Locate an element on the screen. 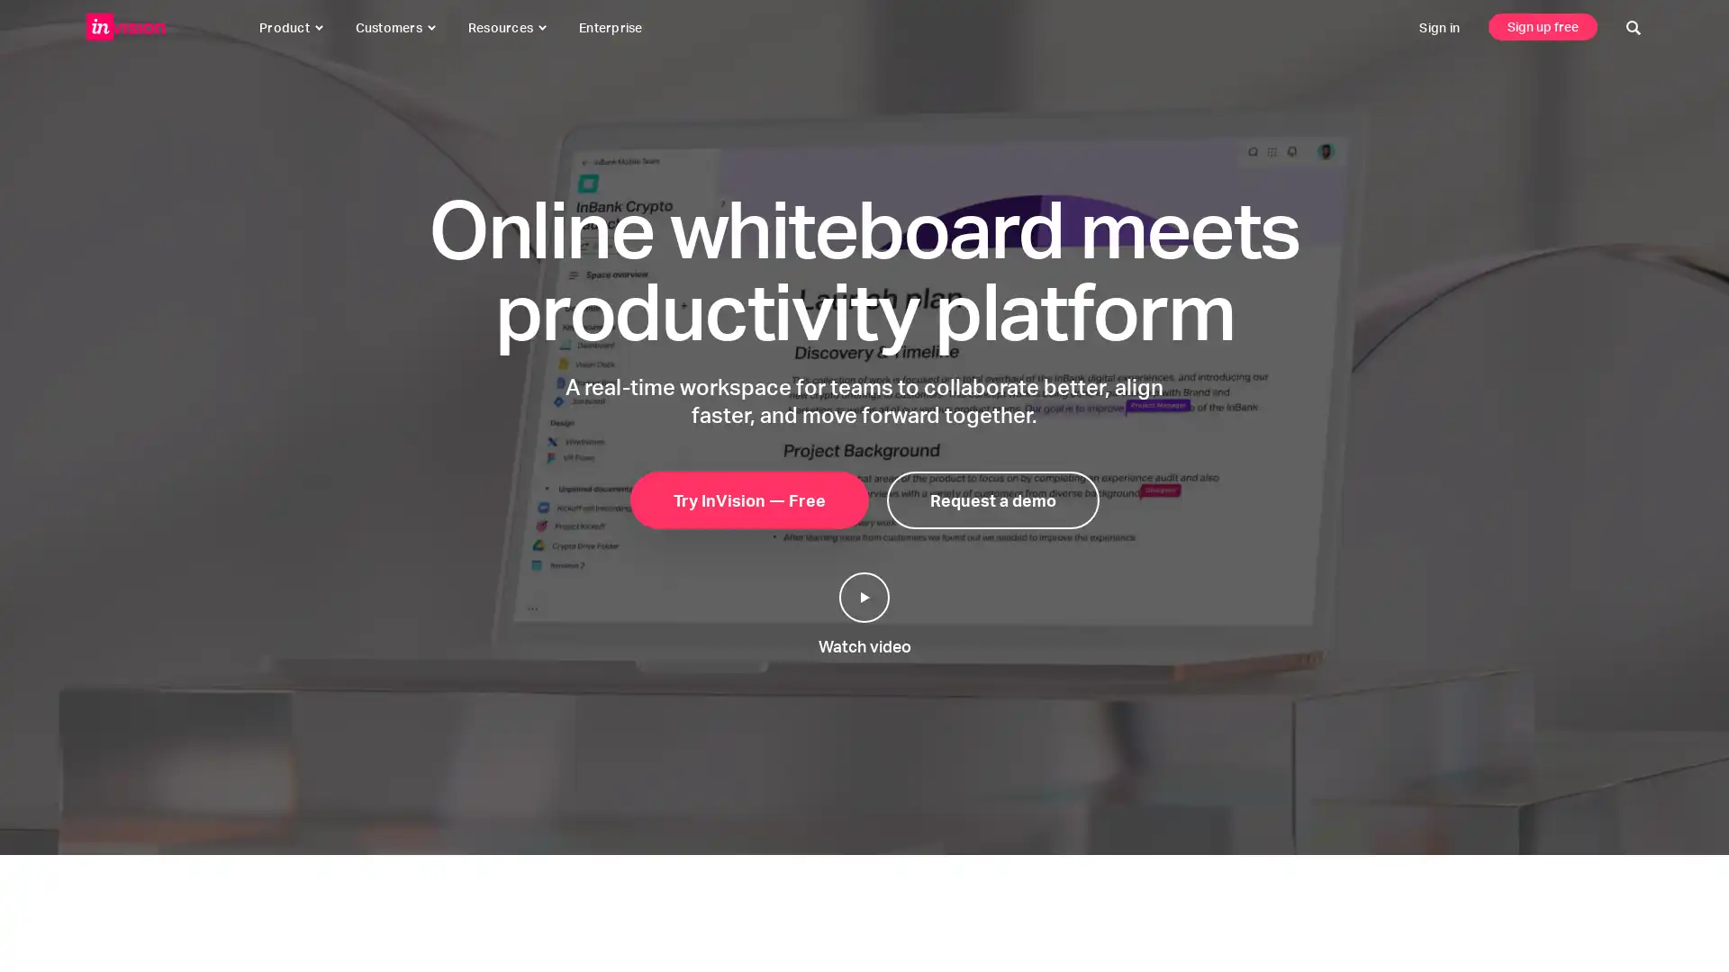  sign up free is located at coordinates (1542, 26).